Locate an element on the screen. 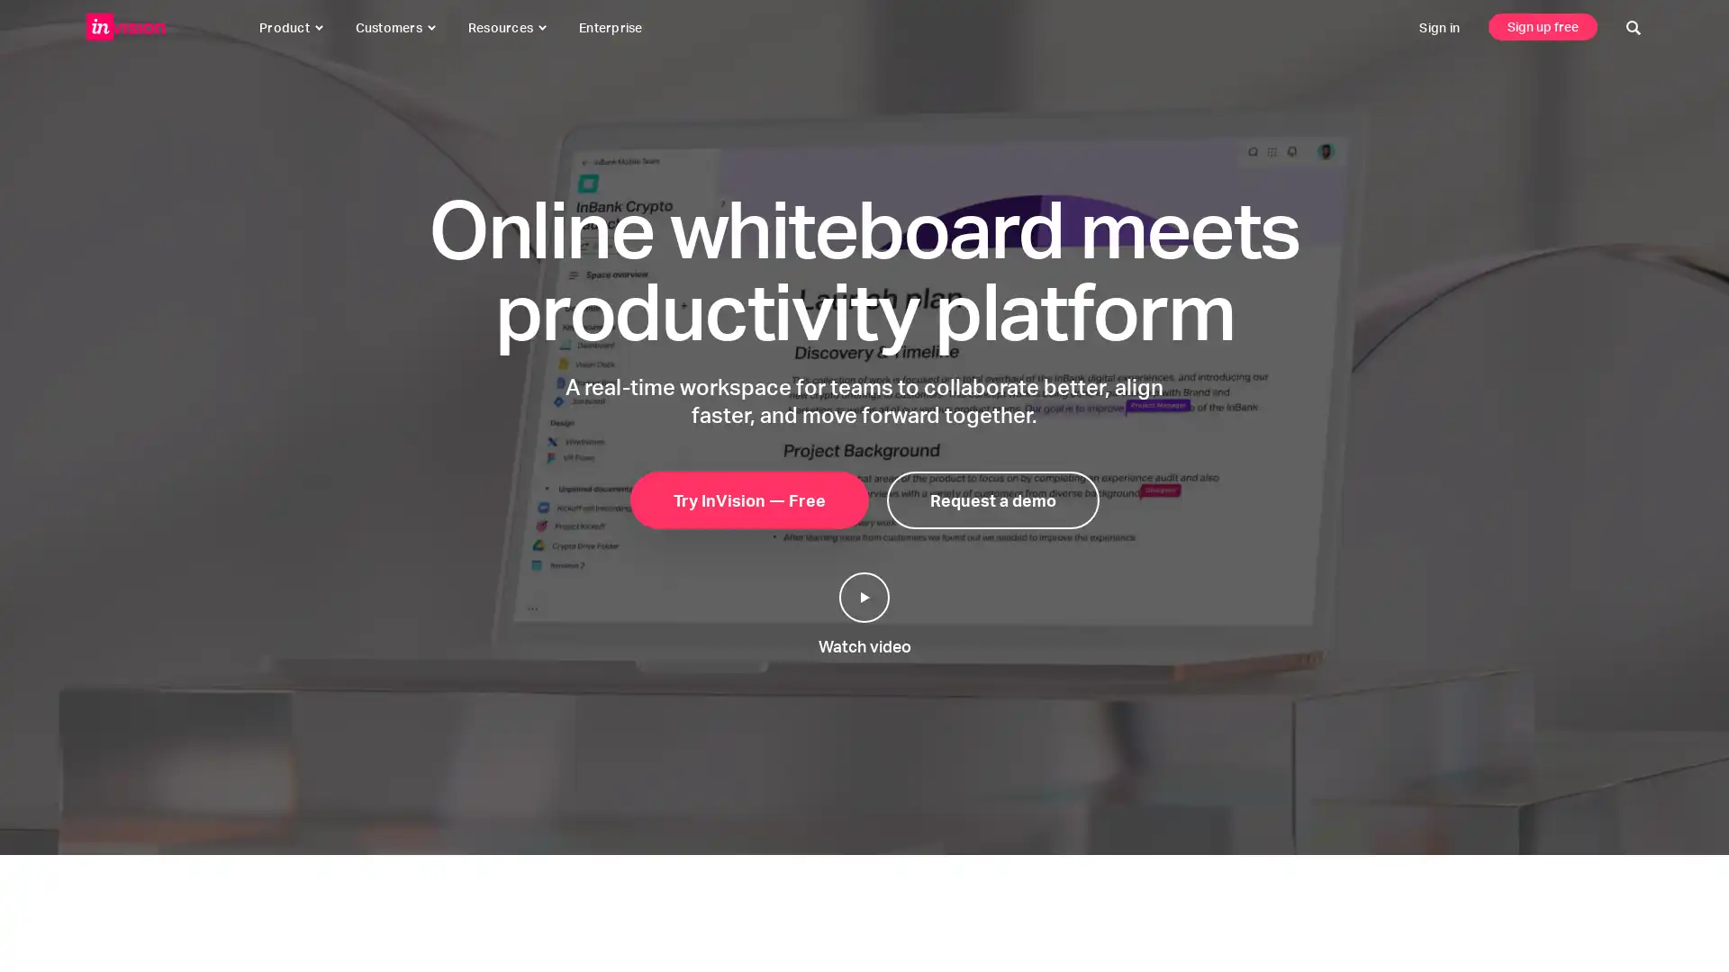  sign up free is located at coordinates (1542, 26).